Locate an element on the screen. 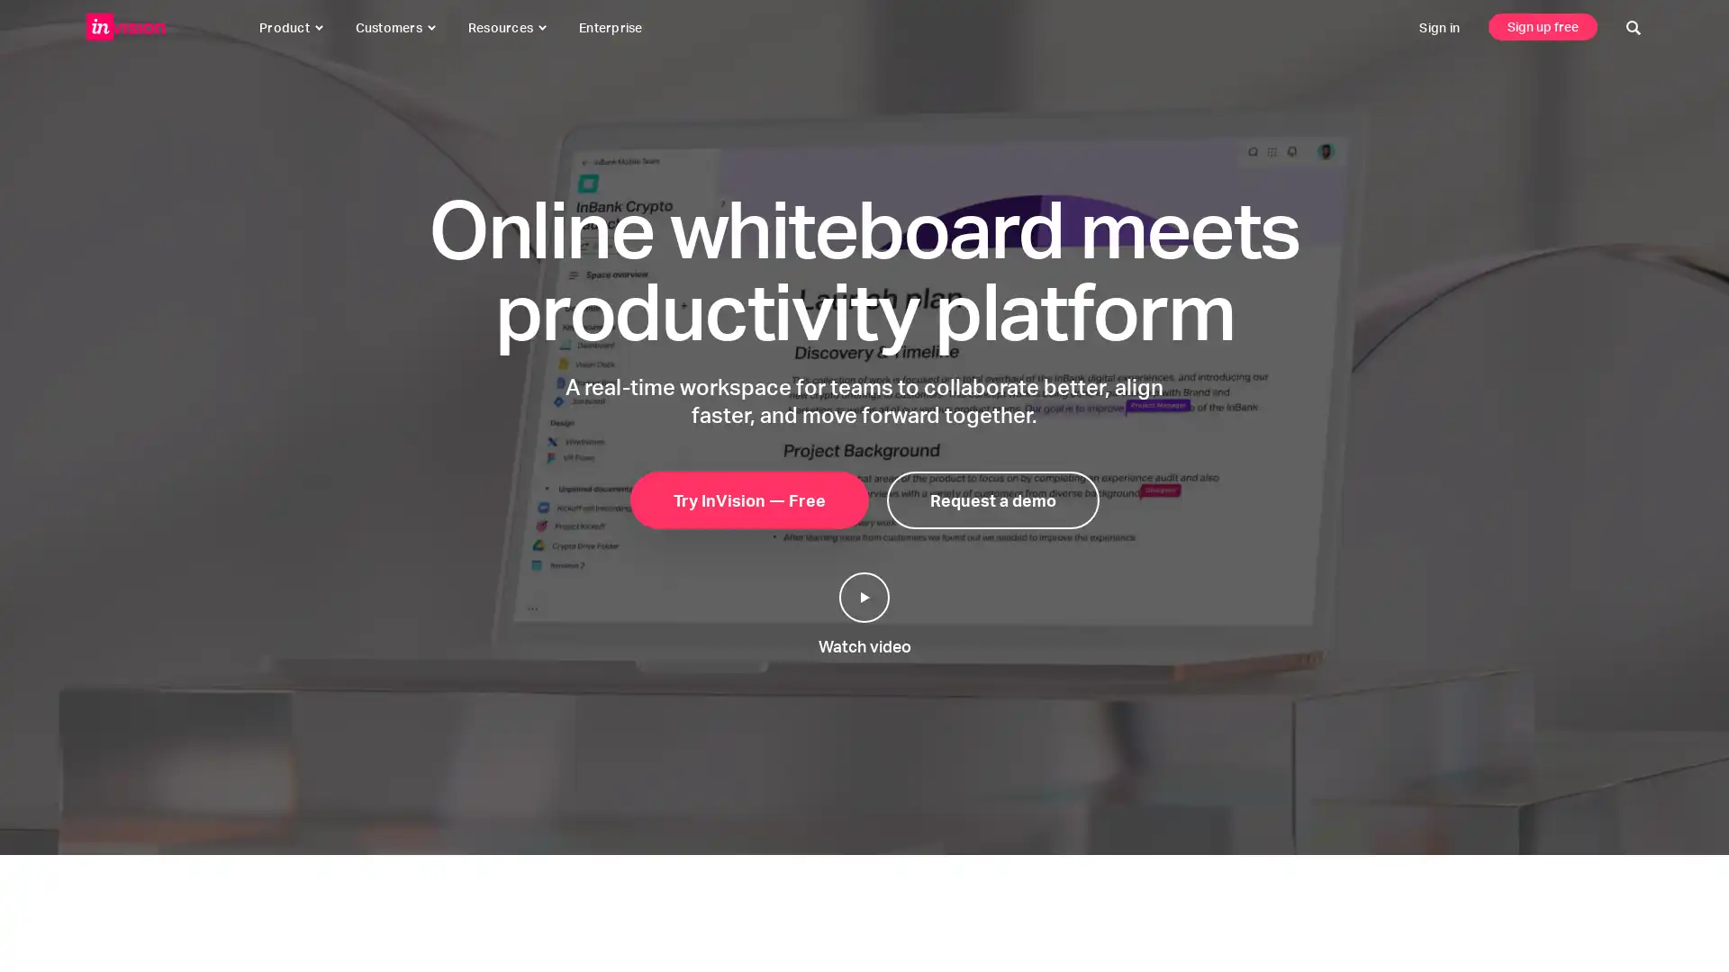  sign up free is located at coordinates (1542, 26).